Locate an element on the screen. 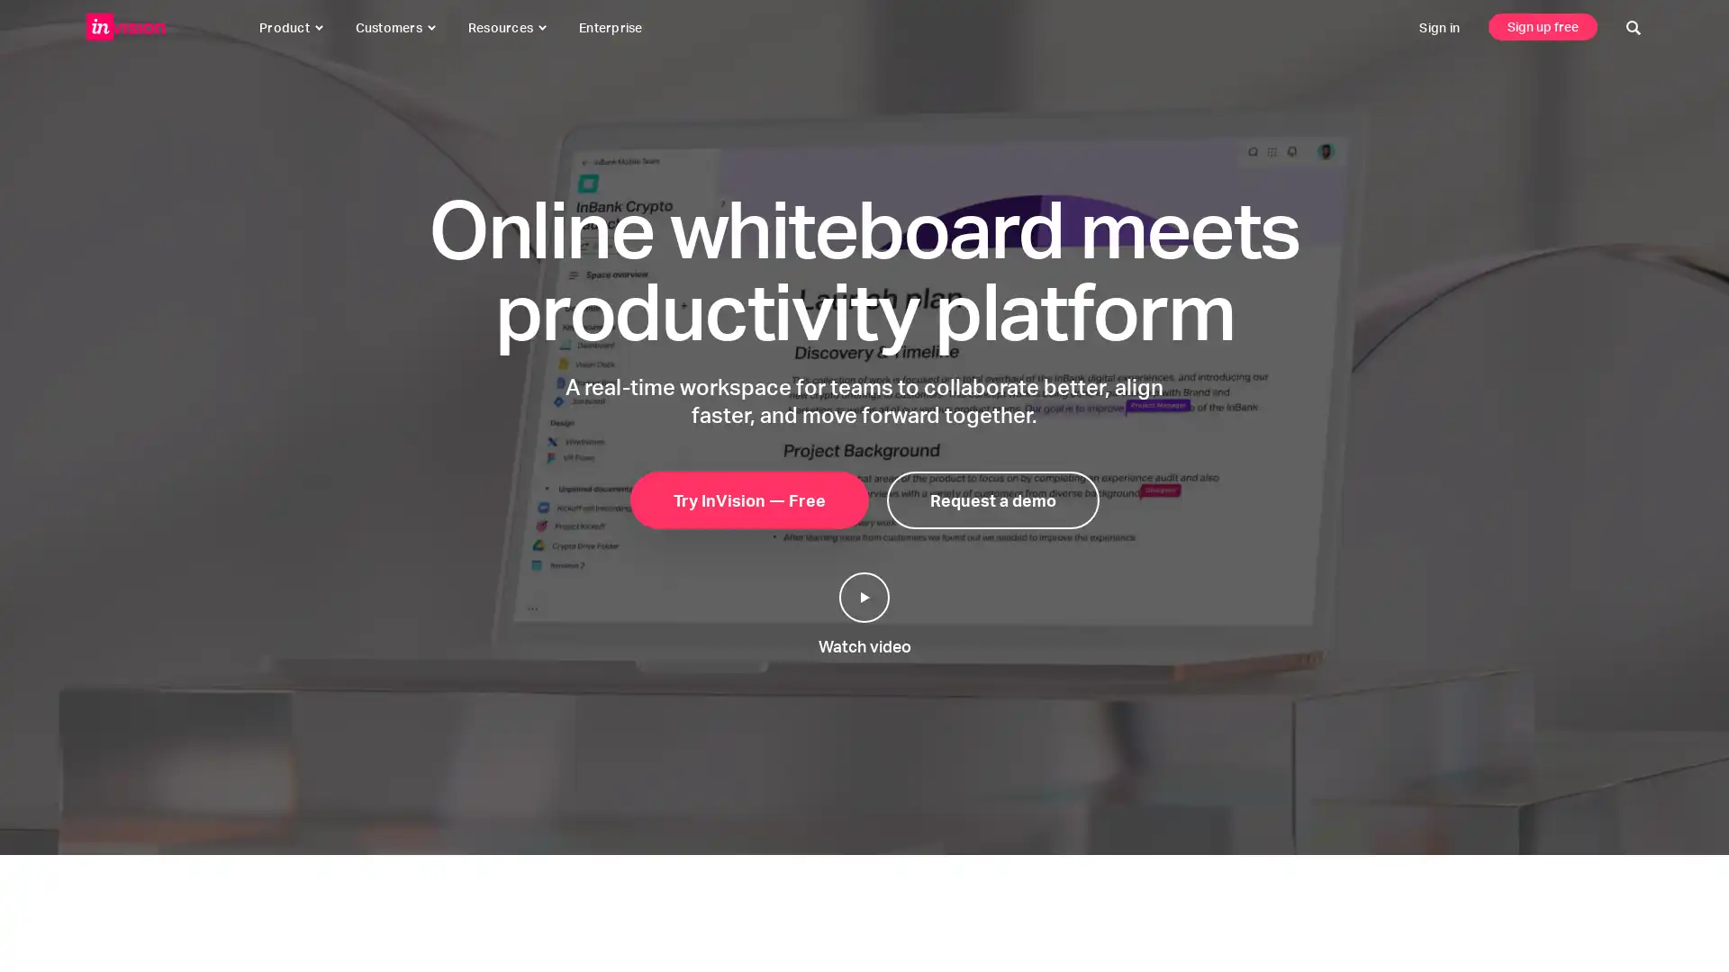  sign up free is located at coordinates (1542, 26).